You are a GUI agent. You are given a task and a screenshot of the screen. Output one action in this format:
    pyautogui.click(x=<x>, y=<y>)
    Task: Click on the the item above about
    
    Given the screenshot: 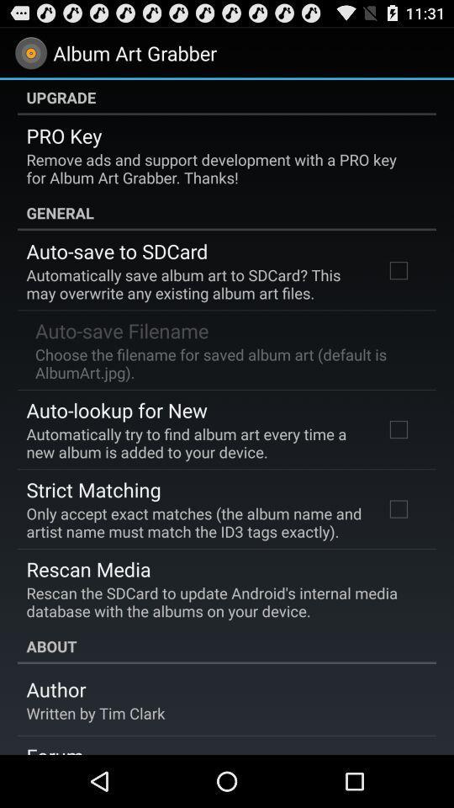 What is the action you would take?
    pyautogui.click(x=221, y=602)
    